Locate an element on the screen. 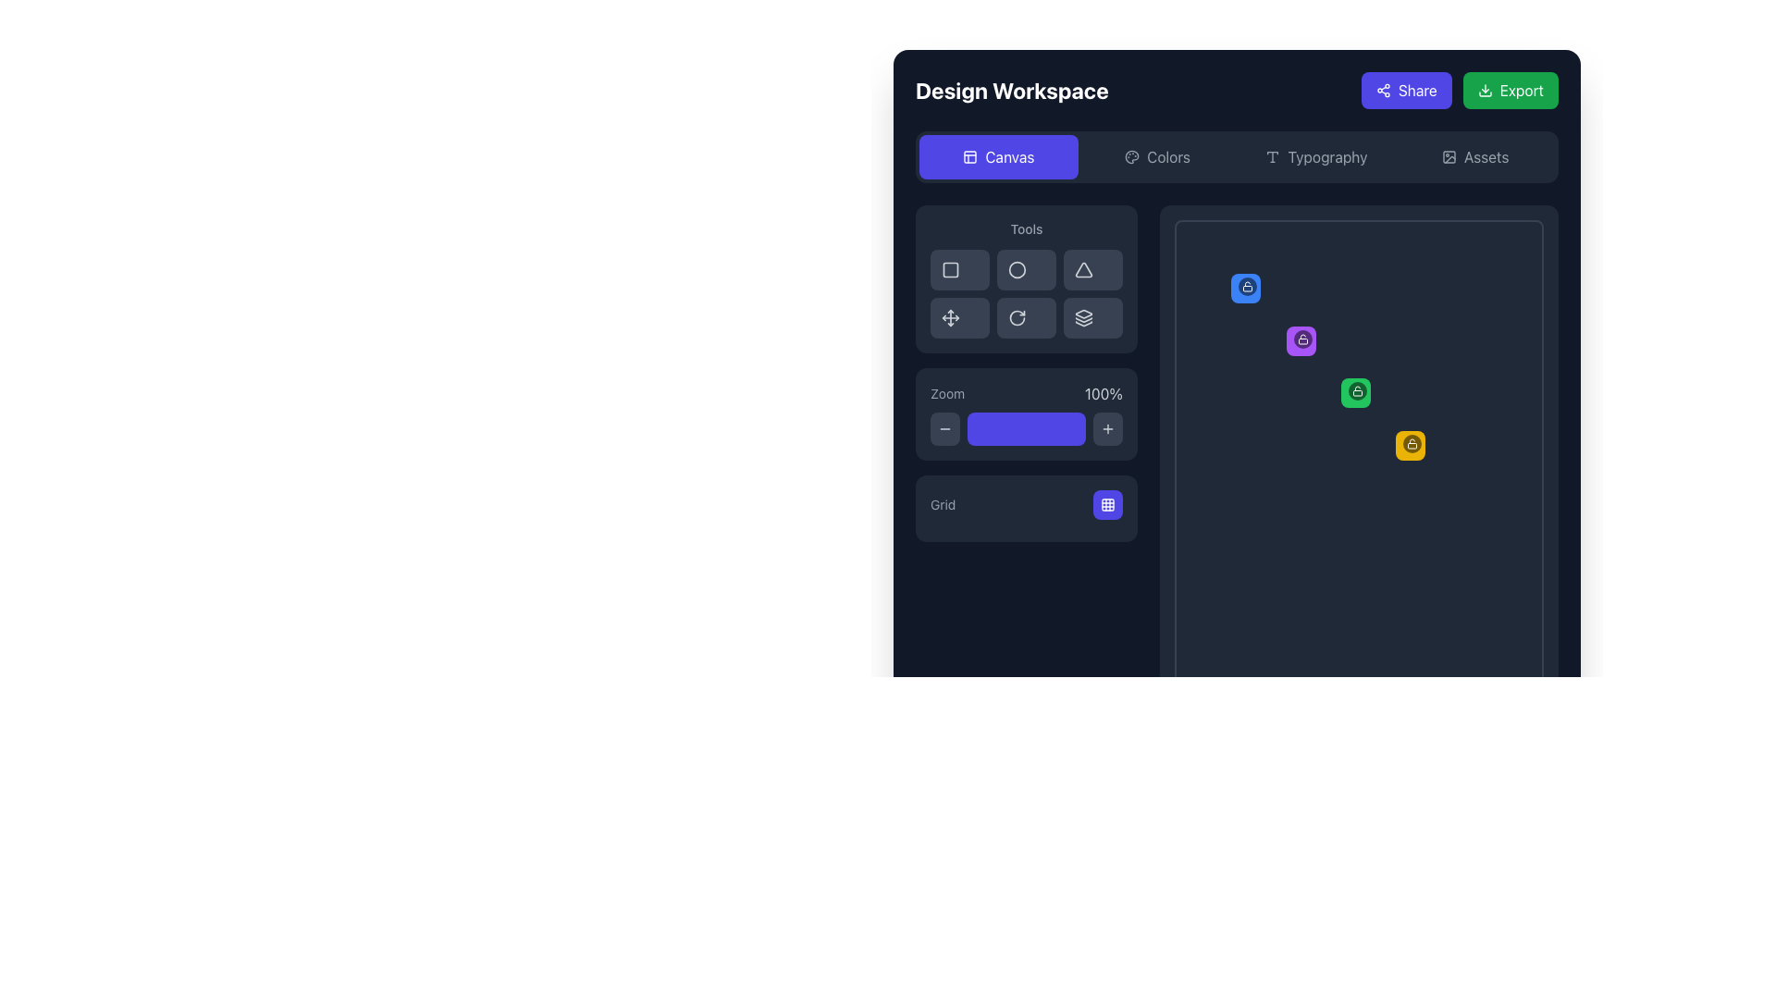  the layer management button located in the bottom-right corner of the 'Tools' section grid is located at coordinates (1092, 316).